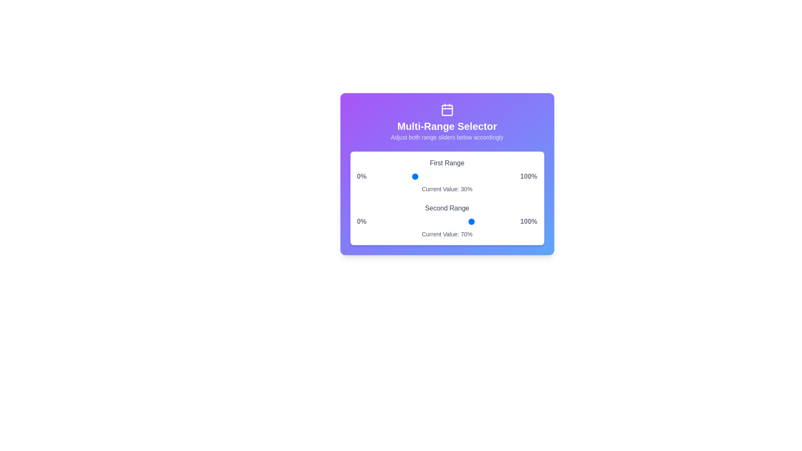 This screenshot has width=802, height=451. I want to click on the range slider with a gradient background, located between '0%' and '100%', so click(443, 176).